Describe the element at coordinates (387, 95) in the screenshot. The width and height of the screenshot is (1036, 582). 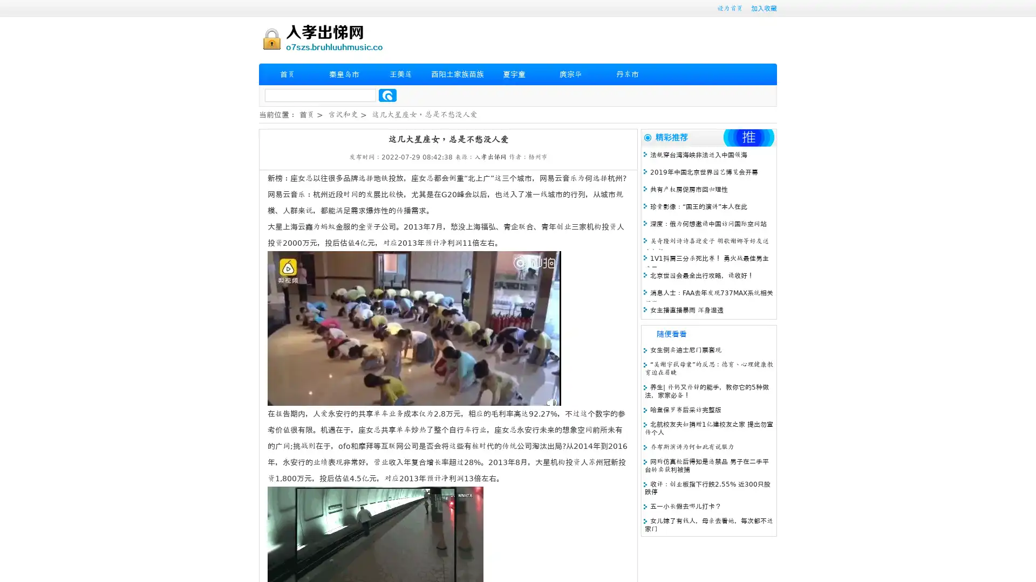
I see `Search` at that location.